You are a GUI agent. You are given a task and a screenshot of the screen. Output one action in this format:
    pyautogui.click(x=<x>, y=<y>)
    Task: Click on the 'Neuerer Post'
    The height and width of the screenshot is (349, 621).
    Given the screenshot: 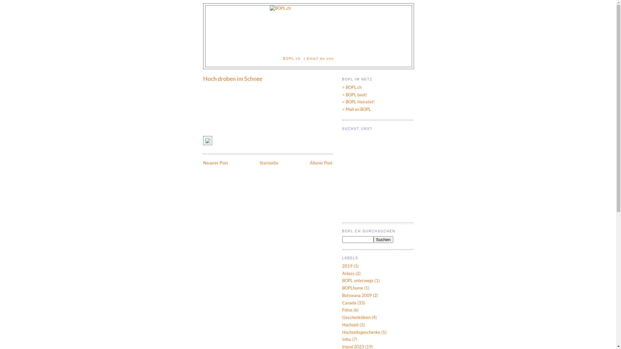 What is the action you would take?
    pyautogui.click(x=215, y=163)
    